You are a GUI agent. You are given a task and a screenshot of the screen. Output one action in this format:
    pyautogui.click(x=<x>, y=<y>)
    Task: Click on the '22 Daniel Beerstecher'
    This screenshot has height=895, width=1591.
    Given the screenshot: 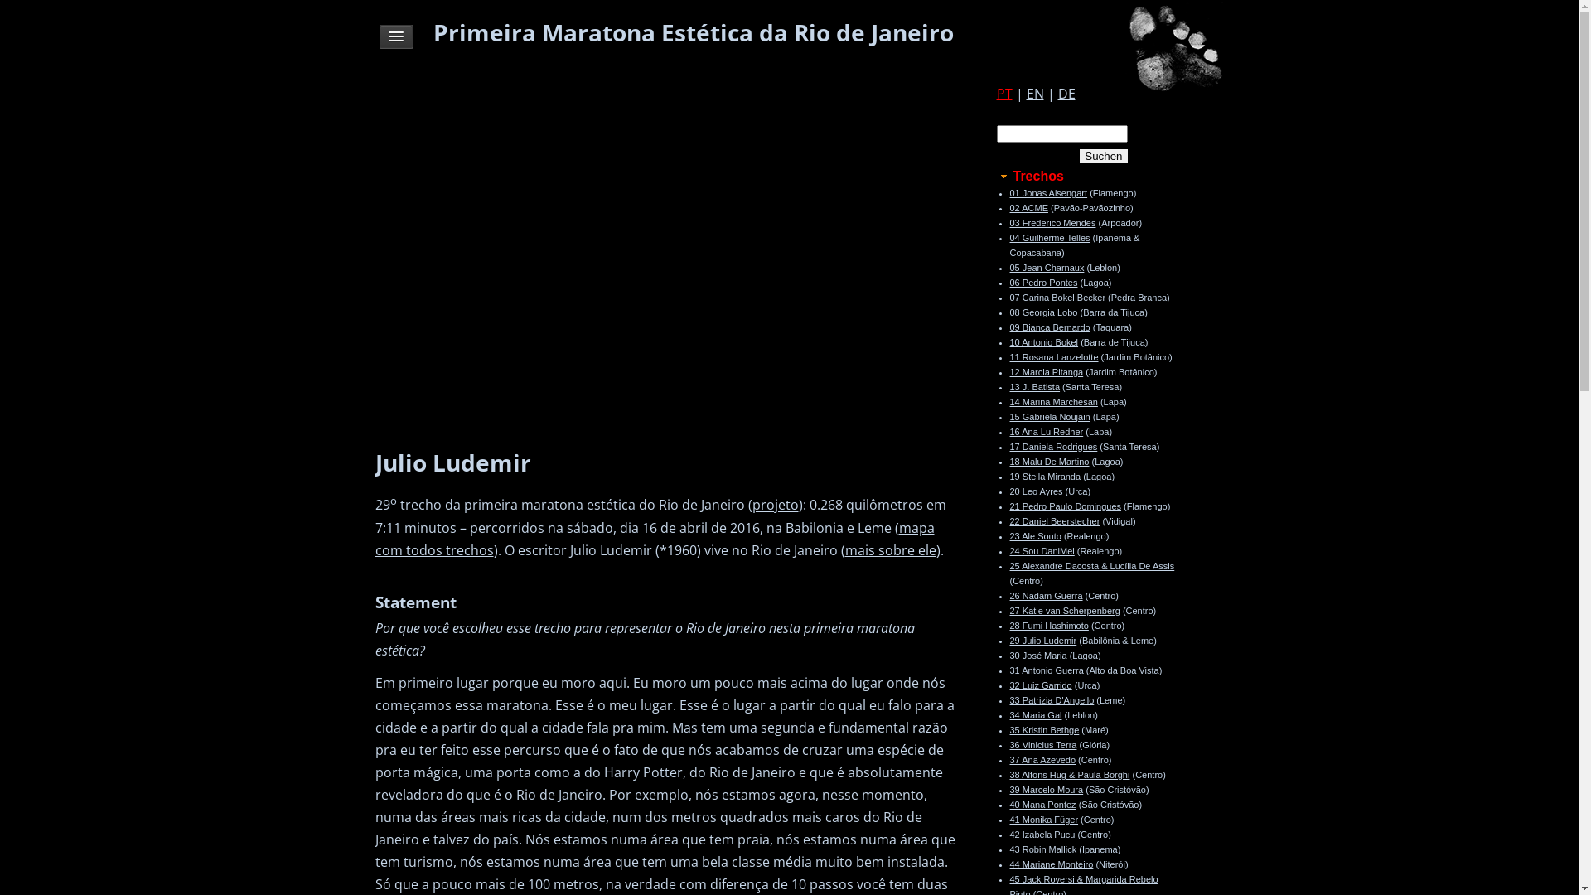 What is the action you would take?
    pyautogui.click(x=1053, y=520)
    